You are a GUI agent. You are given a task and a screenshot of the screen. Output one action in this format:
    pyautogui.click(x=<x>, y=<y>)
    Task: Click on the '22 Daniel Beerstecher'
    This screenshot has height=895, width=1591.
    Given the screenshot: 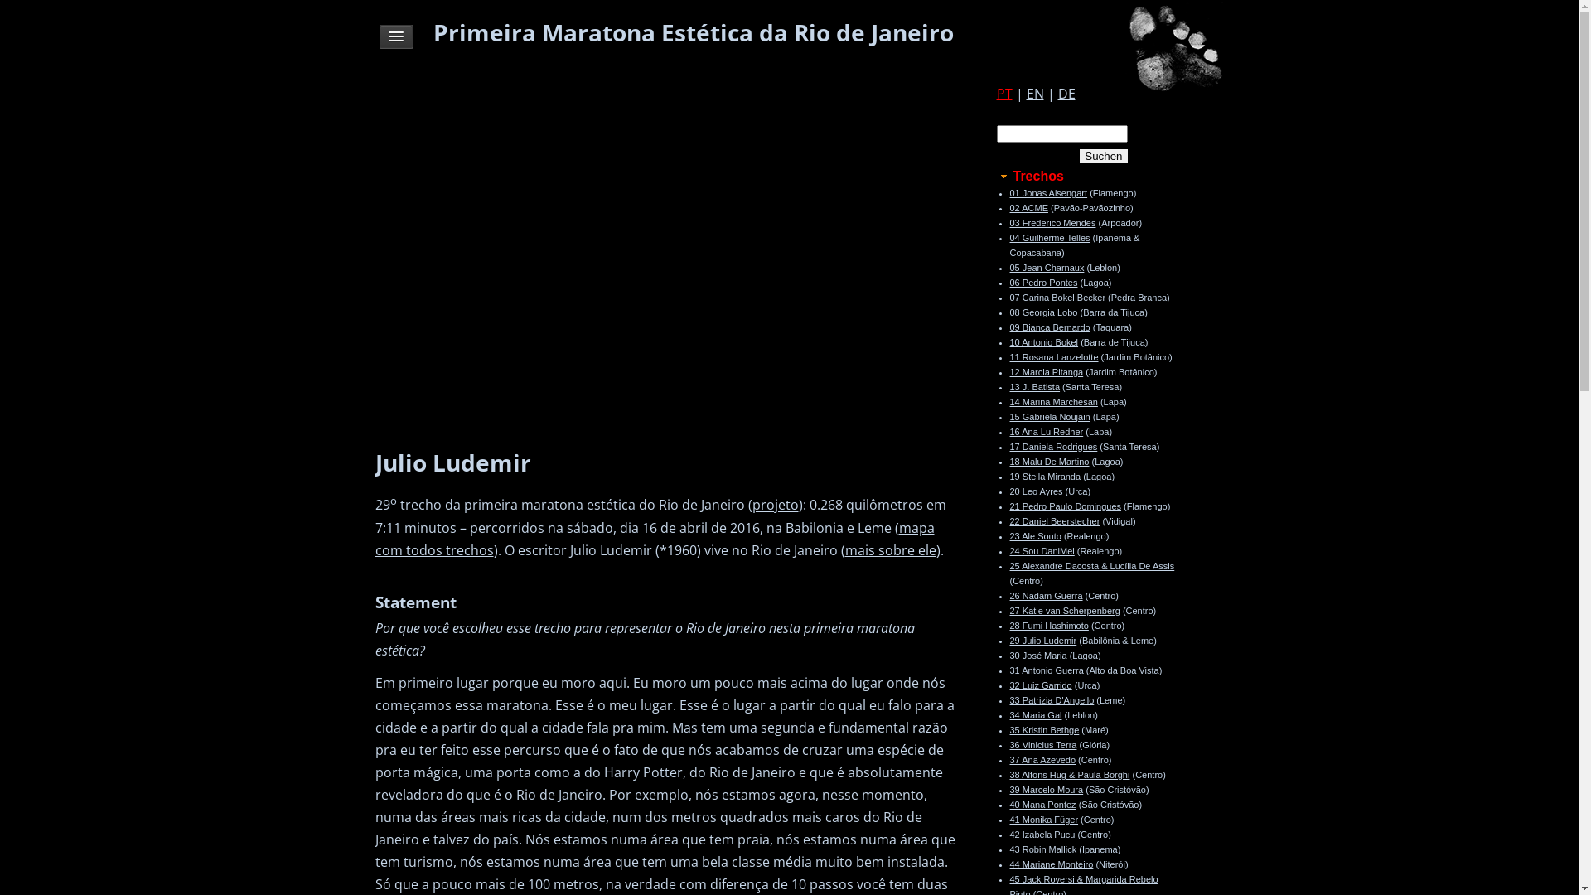 What is the action you would take?
    pyautogui.click(x=1053, y=520)
    